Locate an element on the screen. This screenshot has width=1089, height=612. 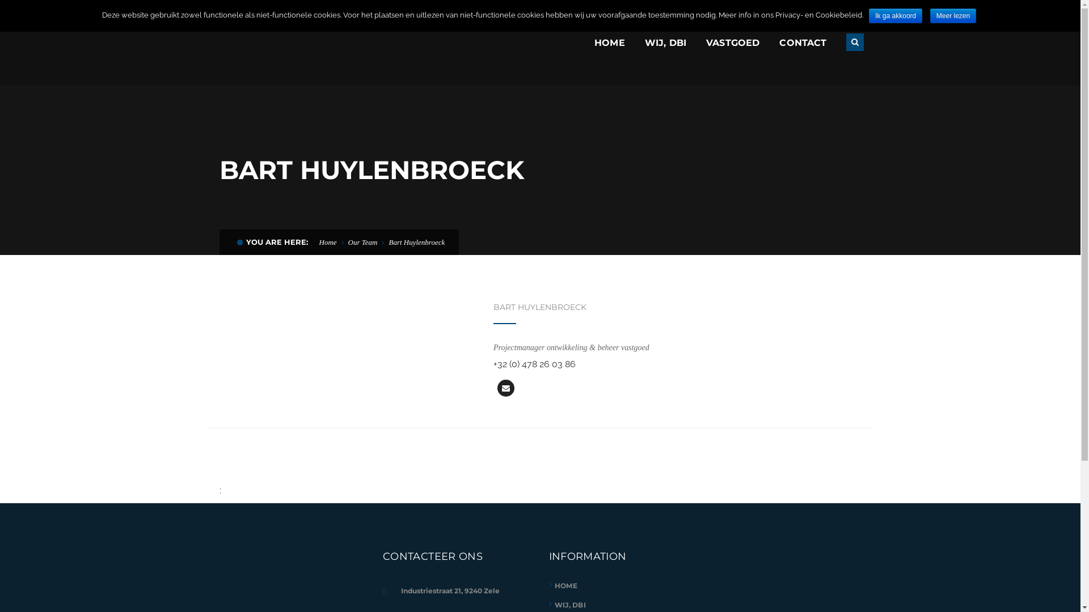
'Our Team' is located at coordinates (348, 241).